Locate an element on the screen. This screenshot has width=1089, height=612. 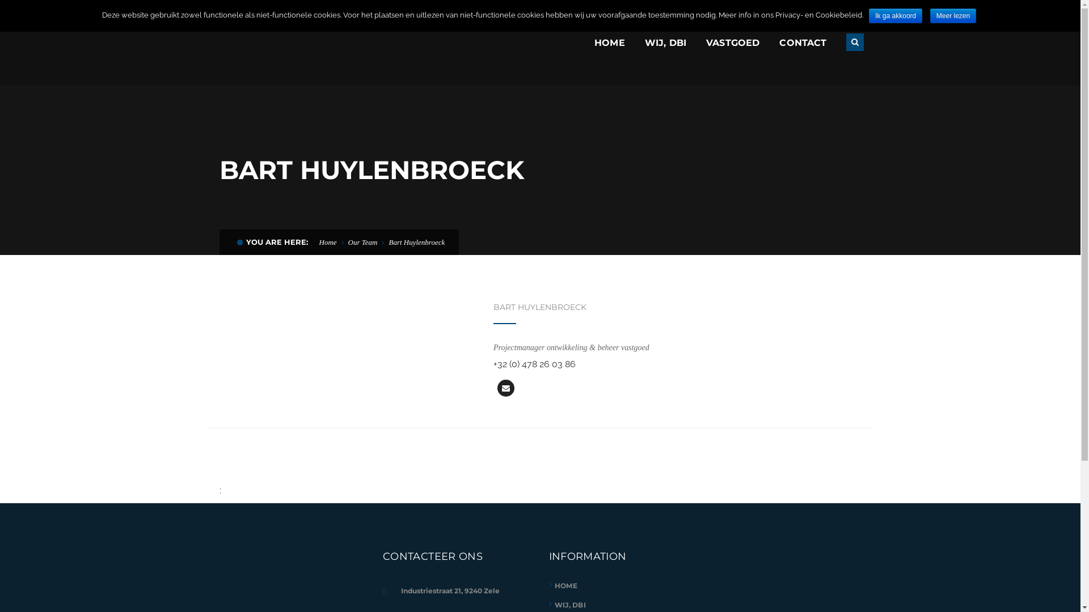
'Our Team' is located at coordinates (348, 241).